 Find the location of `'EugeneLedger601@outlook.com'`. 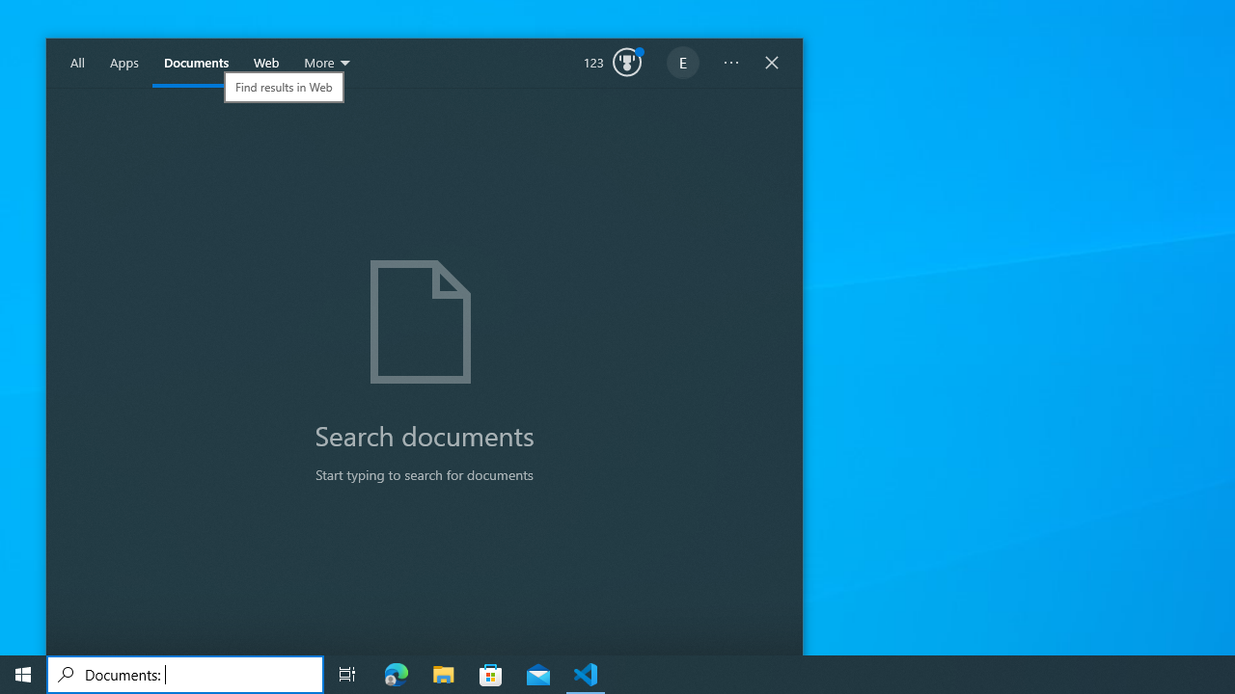

'EugeneLedger601@outlook.com' is located at coordinates (682, 63).